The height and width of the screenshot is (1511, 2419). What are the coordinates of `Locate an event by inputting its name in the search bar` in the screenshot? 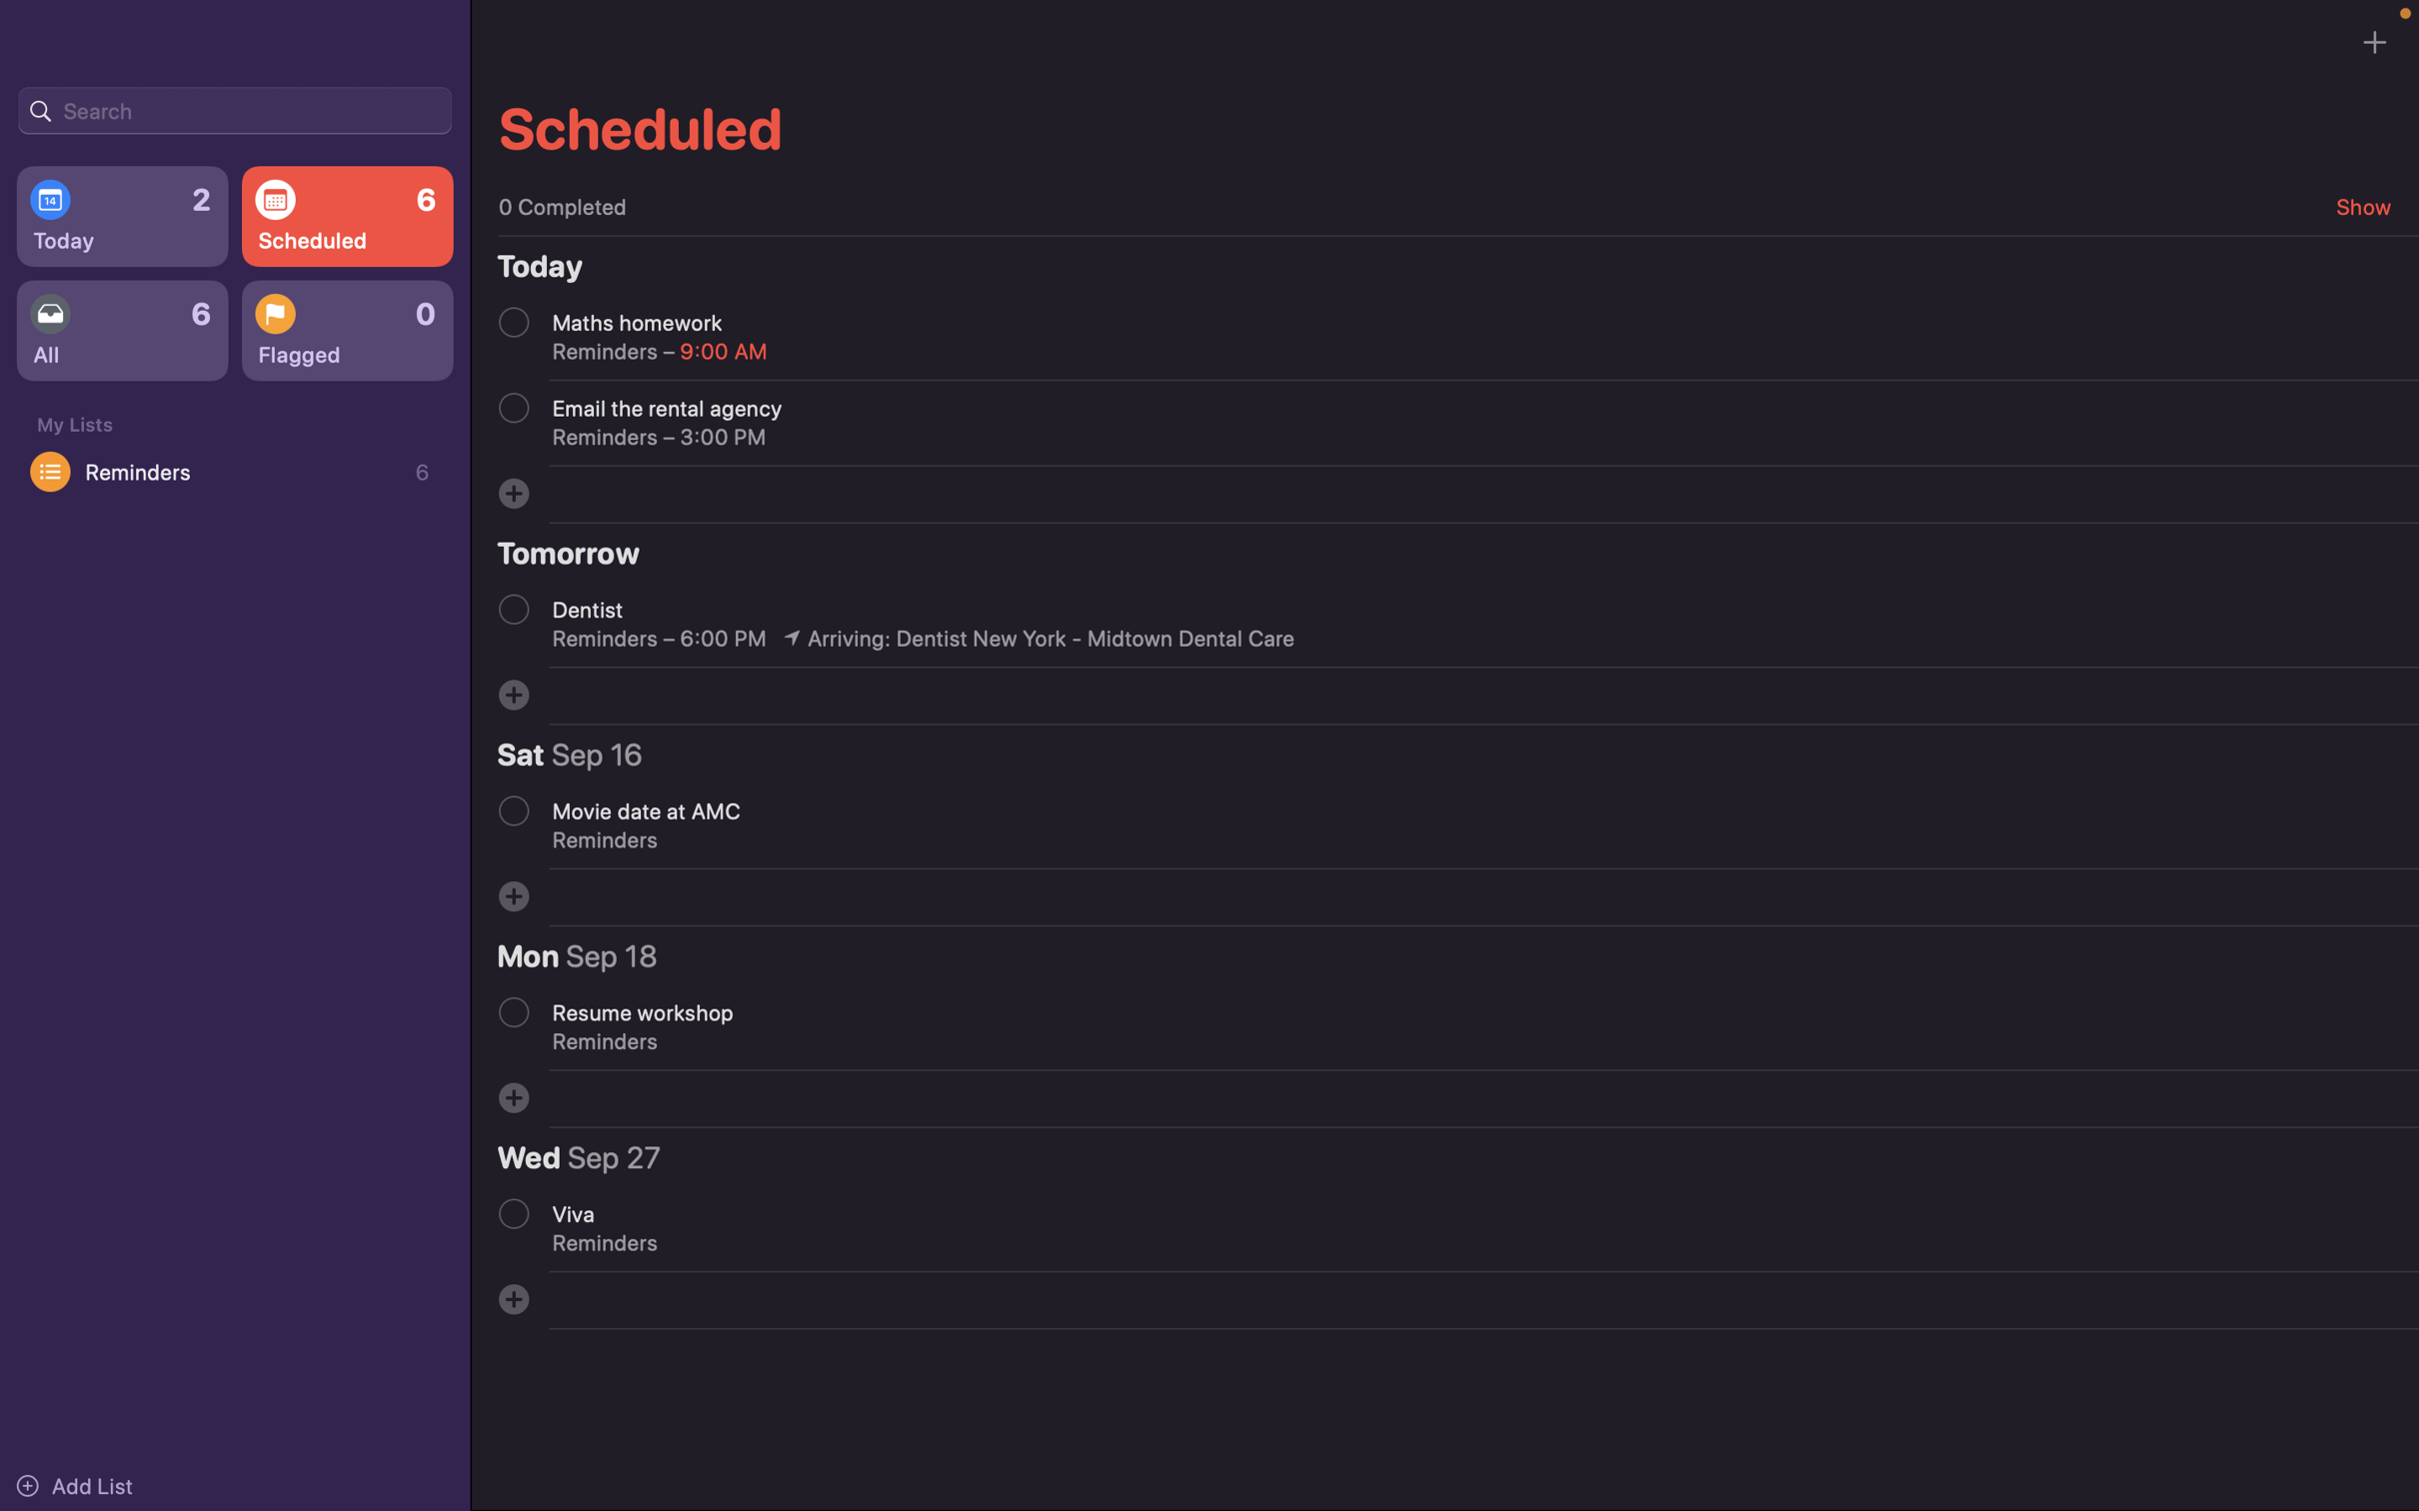 It's located at (234, 108).